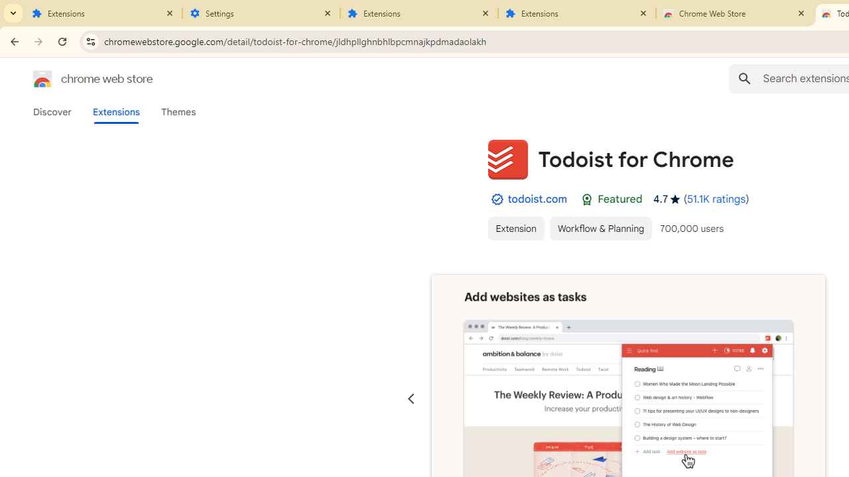 The height and width of the screenshot is (477, 849). What do you see at coordinates (734, 13) in the screenshot?
I see `'Chrome Web Store'` at bounding box center [734, 13].